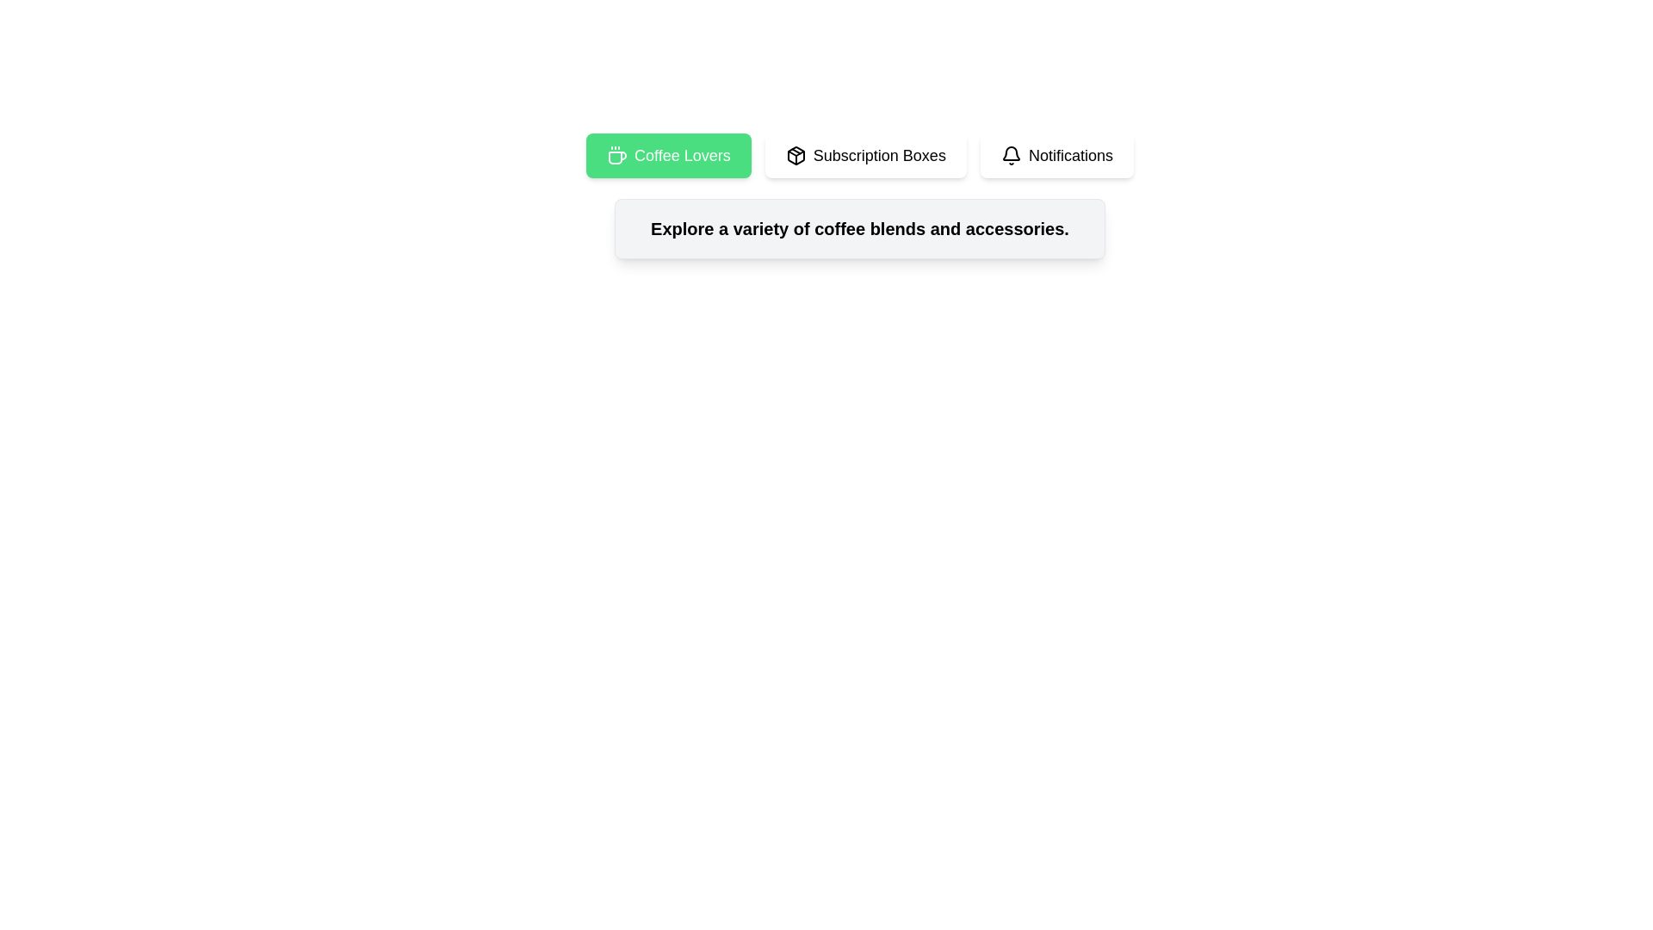 This screenshot has width=1653, height=930. What do you see at coordinates (617, 156) in the screenshot?
I see `the SVG icon that visually represents the coffee theme, located at the start of the 'Coffee Lovers' button` at bounding box center [617, 156].